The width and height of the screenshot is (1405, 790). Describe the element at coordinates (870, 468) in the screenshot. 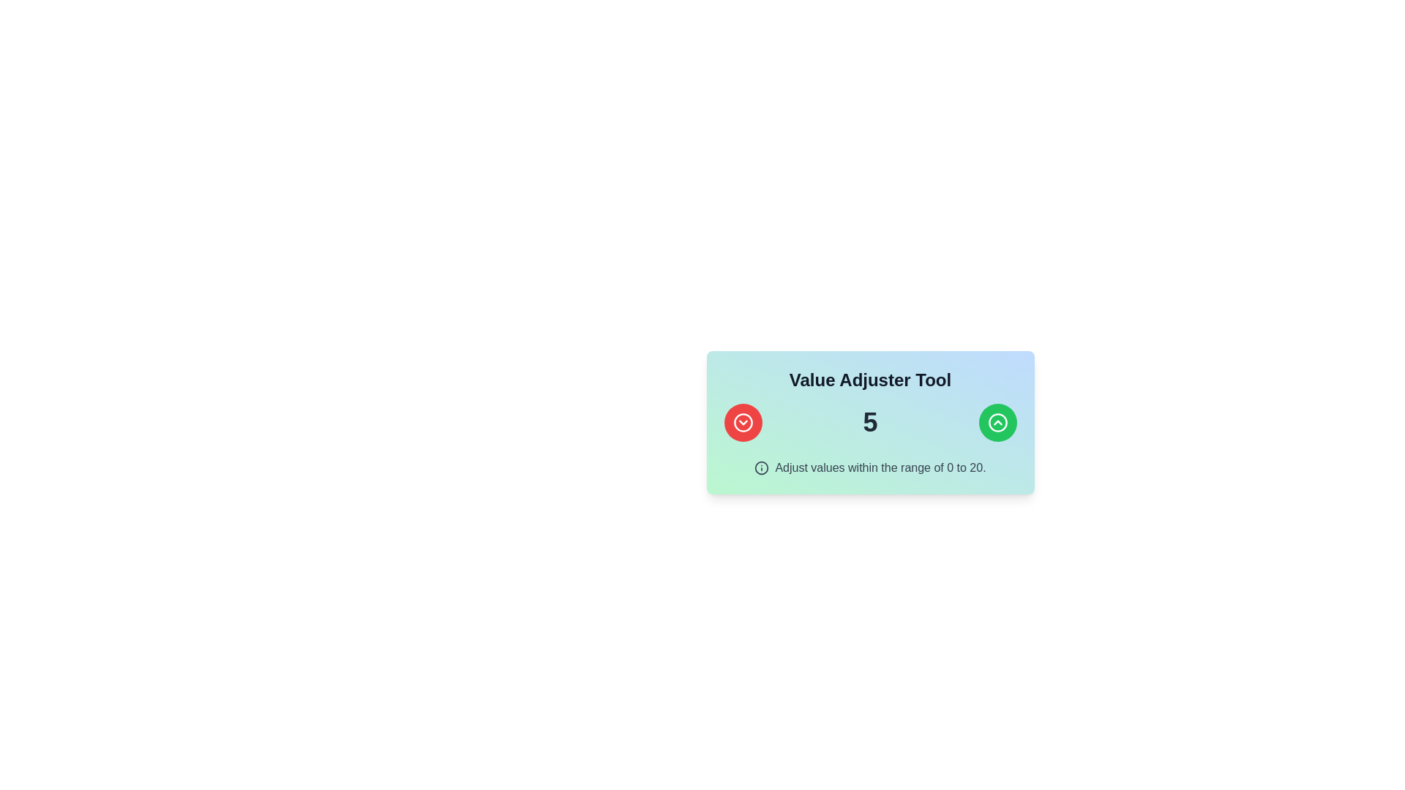

I see `the instructional text label located at the bottom of the 'Value Adjuster Tool' card, which provides guidance on permissible adjustment ranges` at that location.